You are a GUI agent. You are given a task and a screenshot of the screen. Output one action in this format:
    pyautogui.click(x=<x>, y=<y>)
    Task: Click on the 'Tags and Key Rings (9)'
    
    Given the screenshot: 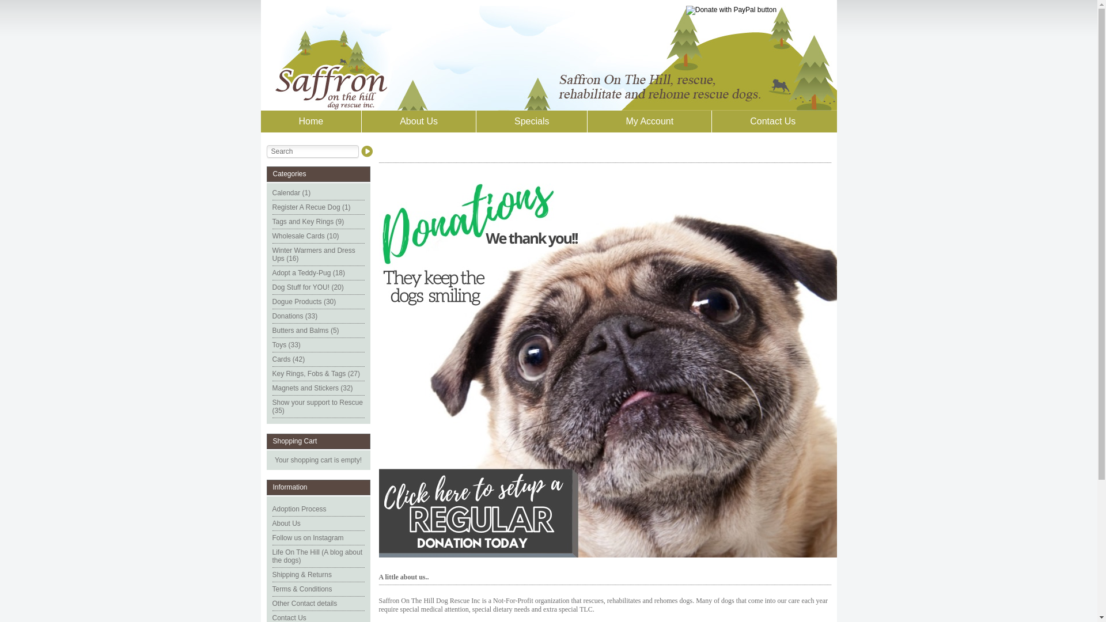 What is the action you would take?
    pyautogui.click(x=308, y=222)
    